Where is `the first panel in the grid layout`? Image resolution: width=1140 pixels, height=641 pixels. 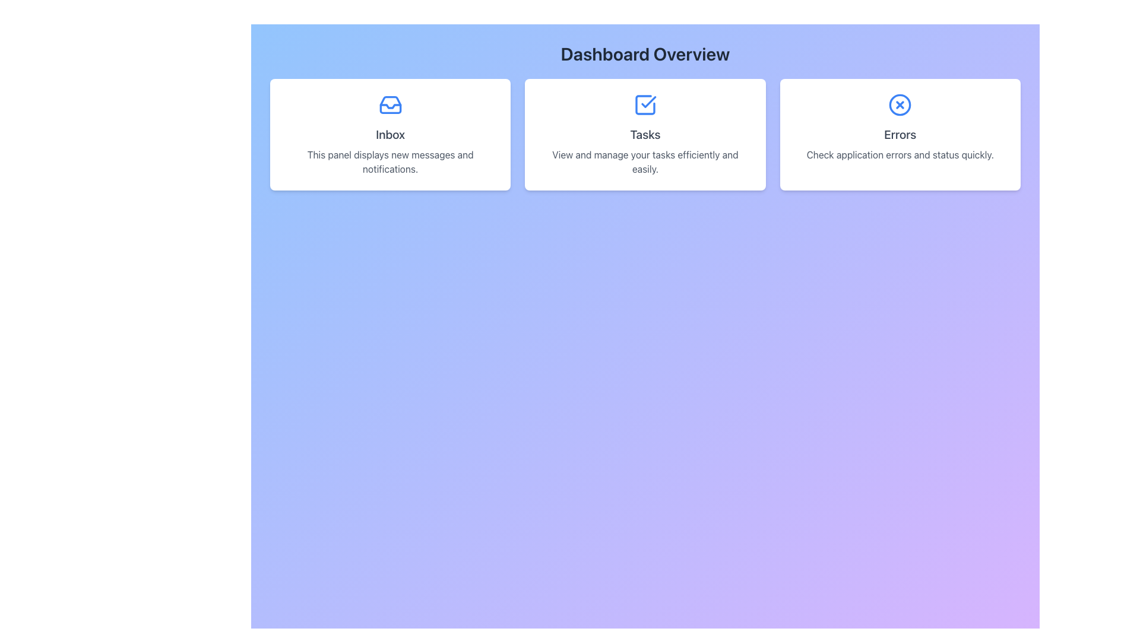 the first panel in the grid layout is located at coordinates (390, 134).